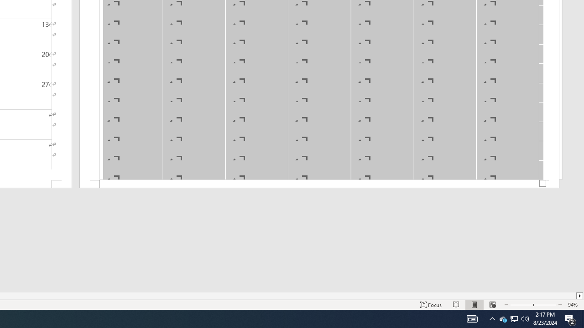 The height and width of the screenshot is (328, 584). I want to click on 'Column right', so click(579, 296).